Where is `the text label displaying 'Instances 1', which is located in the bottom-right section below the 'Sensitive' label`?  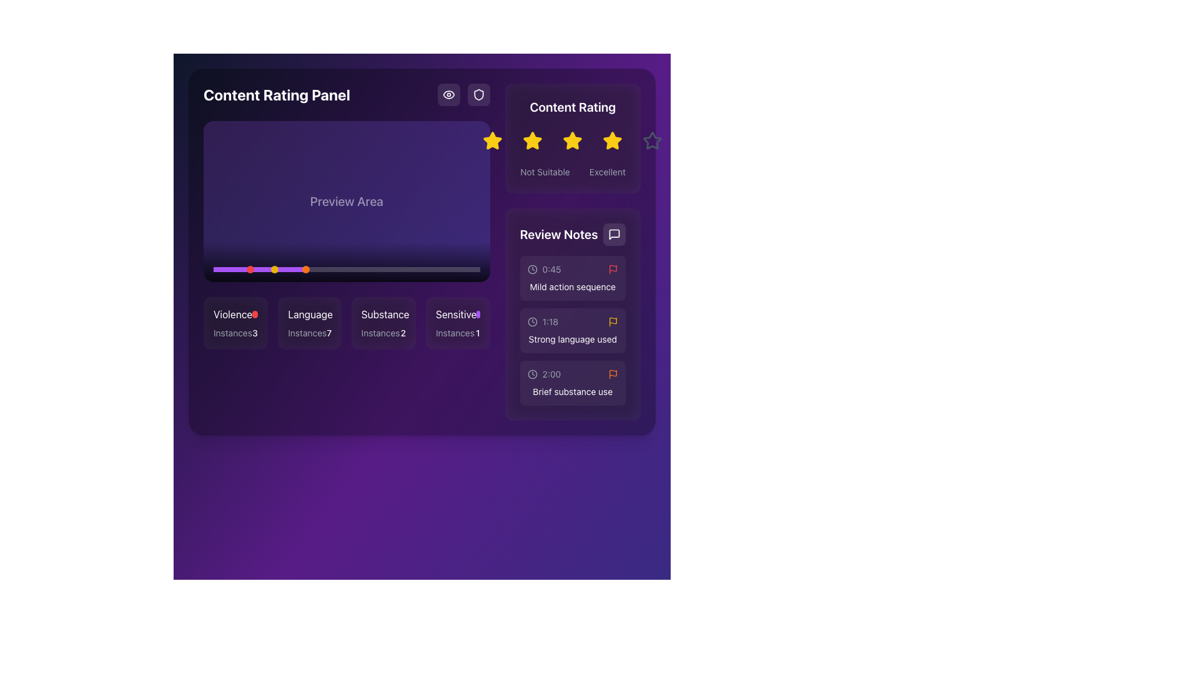 the text label displaying 'Instances 1', which is located in the bottom-right section below the 'Sensitive' label is located at coordinates (457, 332).